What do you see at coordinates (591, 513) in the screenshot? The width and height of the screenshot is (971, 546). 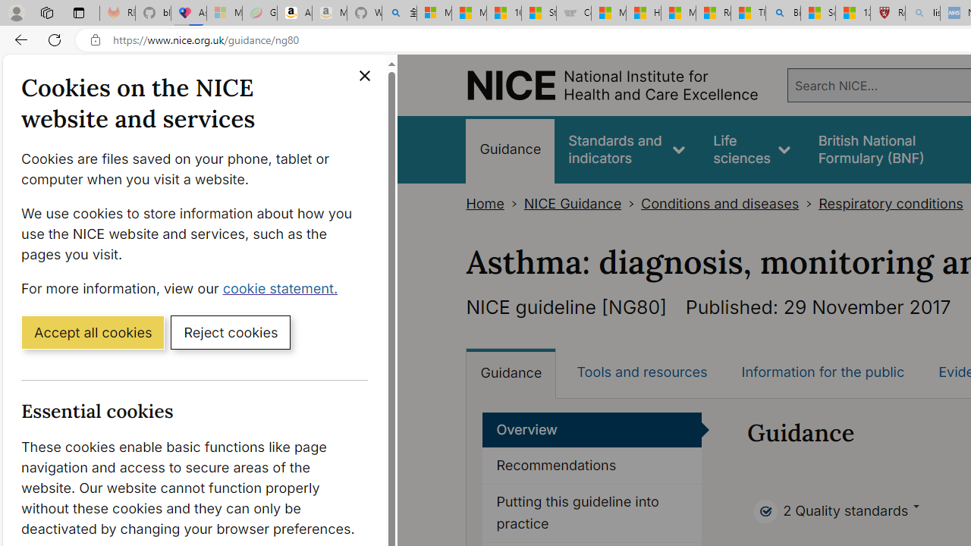 I see `'Putting this guideline into practice'` at bounding box center [591, 513].